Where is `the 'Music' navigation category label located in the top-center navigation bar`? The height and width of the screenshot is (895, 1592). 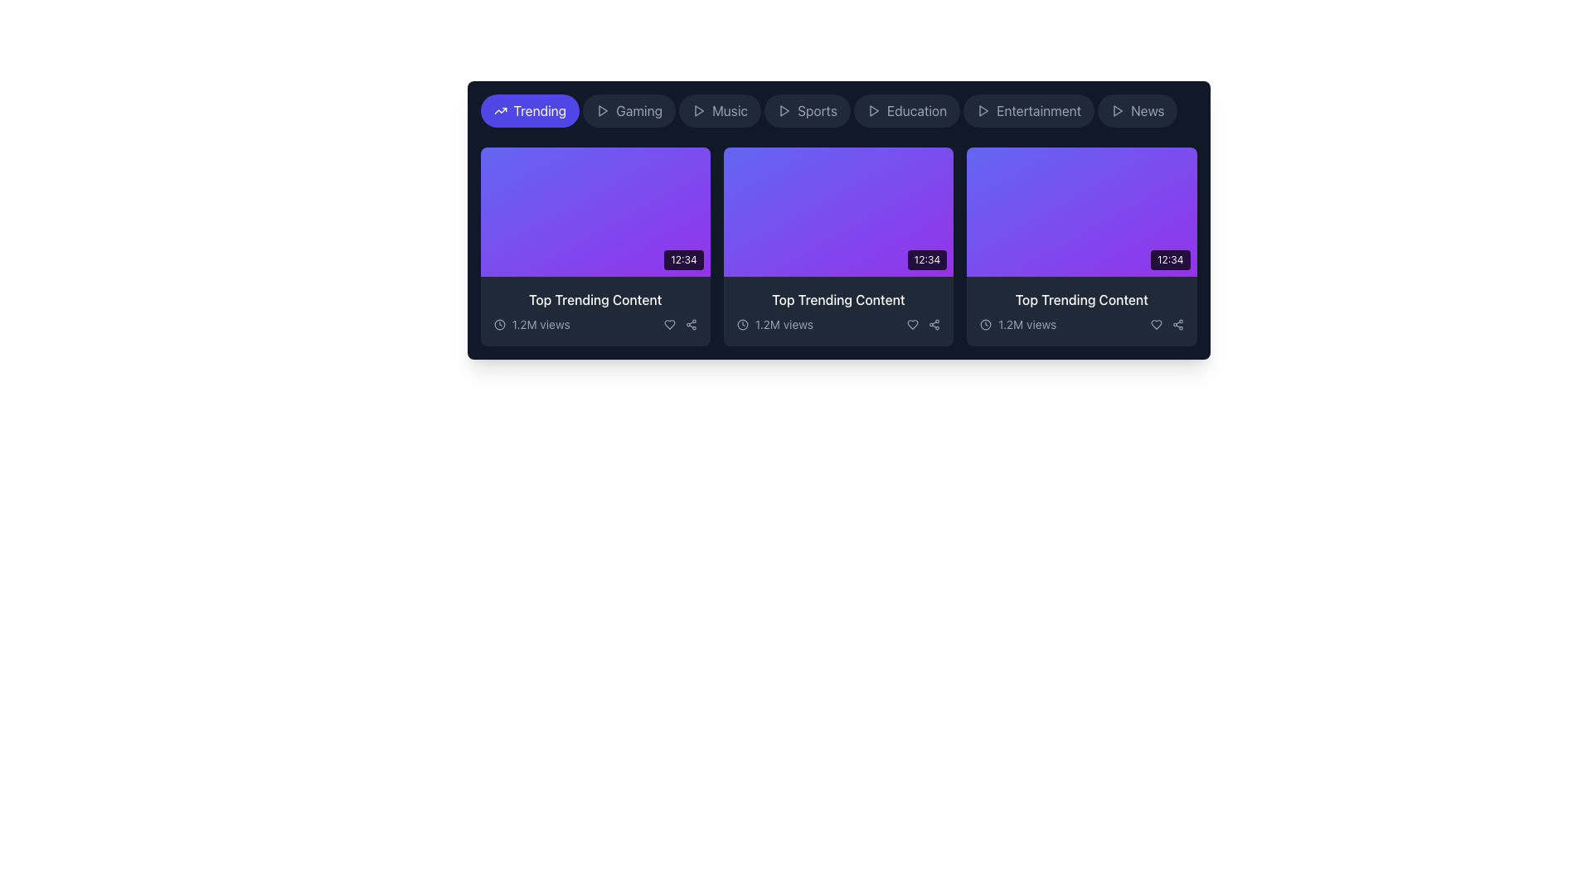 the 'Music' navigation category label located in the top-center navigation bar is located at coordinates (730, 111).